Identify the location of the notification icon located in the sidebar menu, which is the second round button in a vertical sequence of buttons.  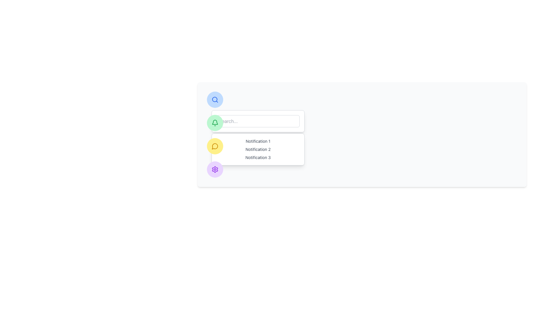
(214, 123).